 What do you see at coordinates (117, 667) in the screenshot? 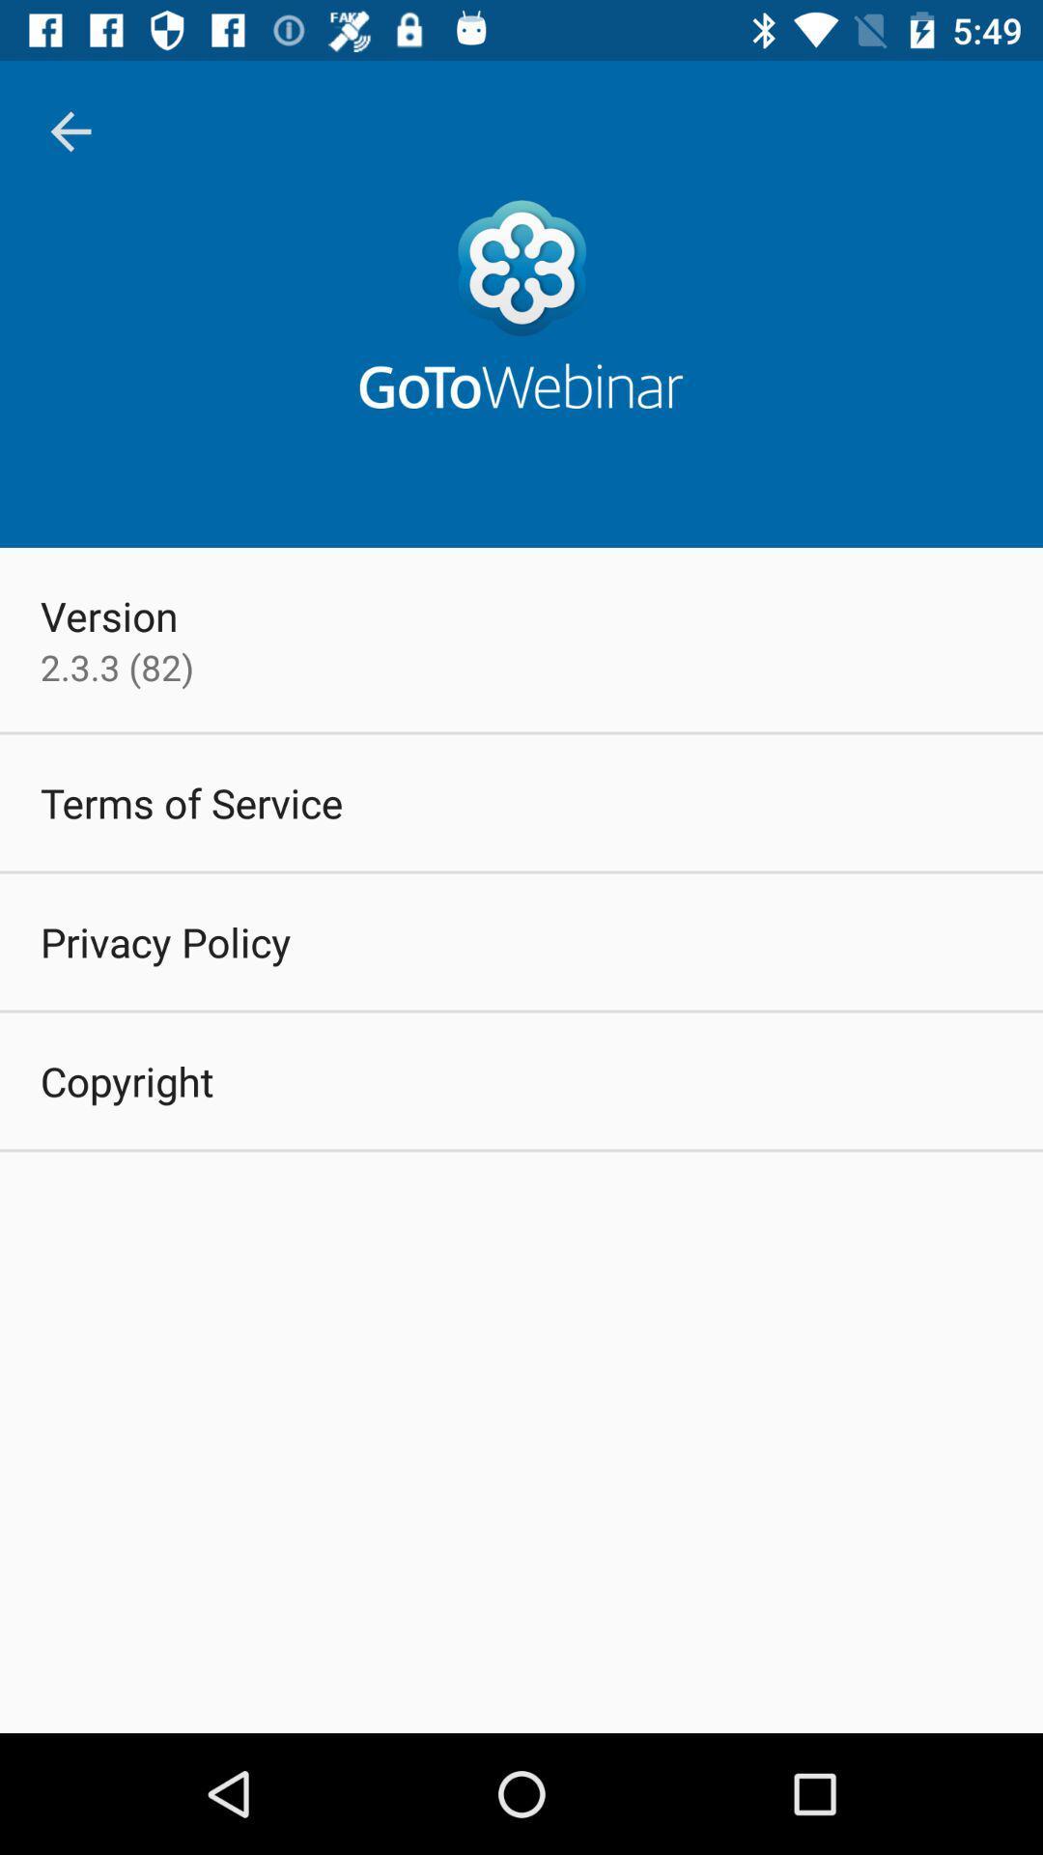
I see `the 2 3 3 item` at bounding box center [117, 667].